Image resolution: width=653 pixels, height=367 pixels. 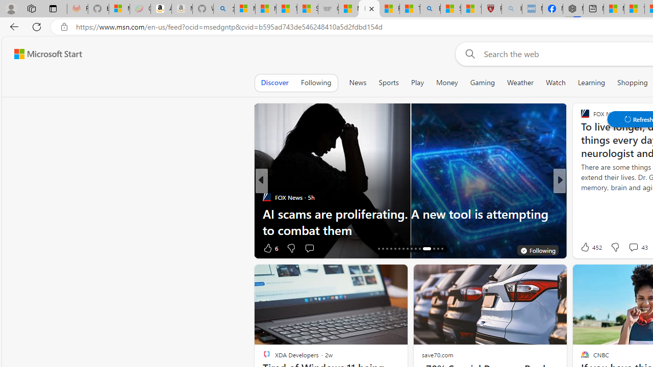 What do you see at coordinates (630, 248) in the screenshot?
I see `'View comments 197 Comment'` at bounding box center [630, 248].